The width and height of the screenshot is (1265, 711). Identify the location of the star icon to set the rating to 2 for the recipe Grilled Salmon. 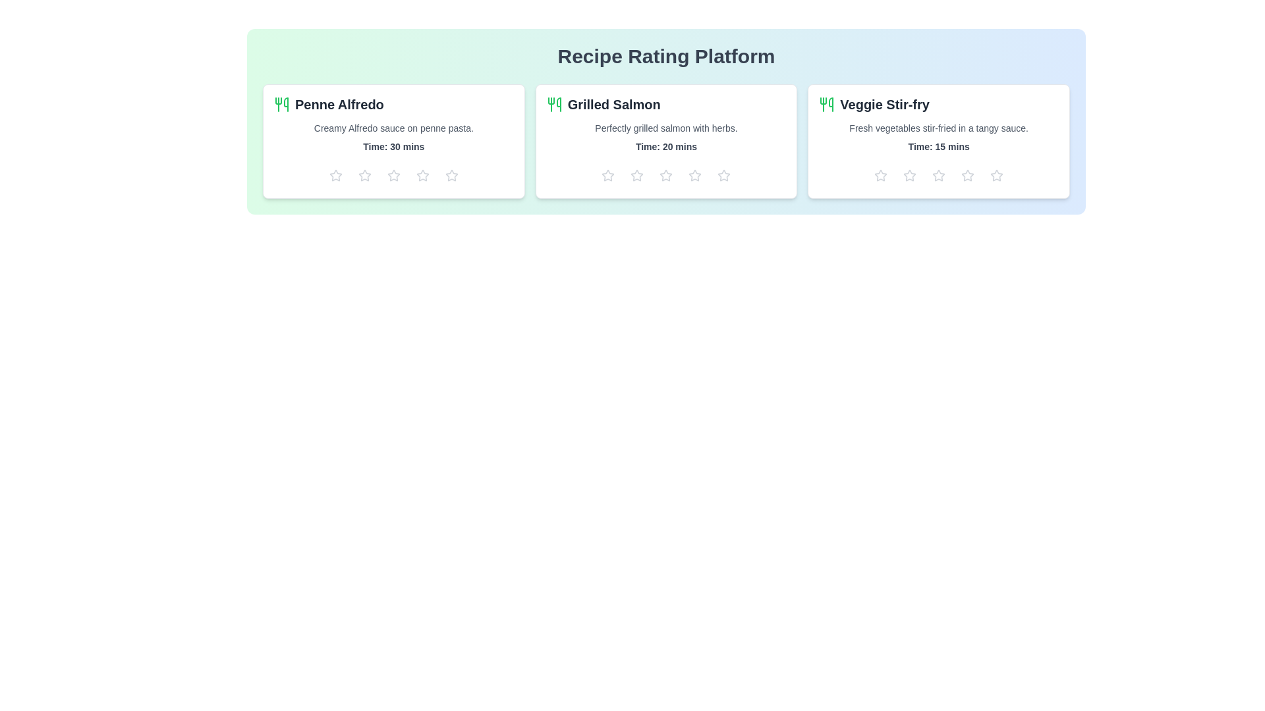
(637, 174).